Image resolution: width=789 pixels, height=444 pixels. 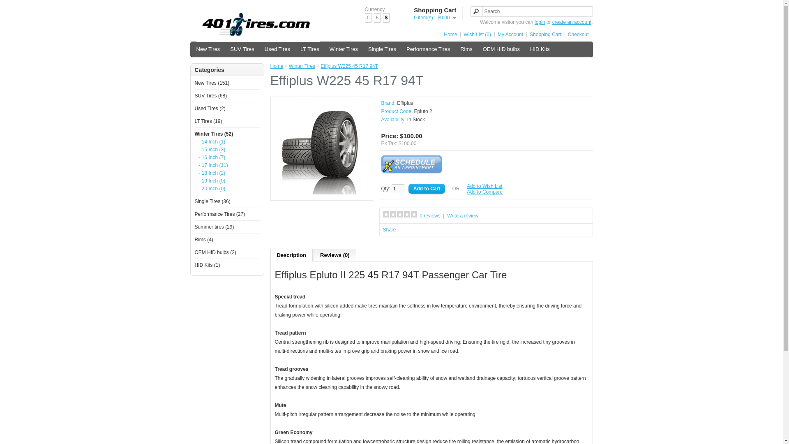 I want to click on 'Reviews (0)', so click(x=335, y=254).